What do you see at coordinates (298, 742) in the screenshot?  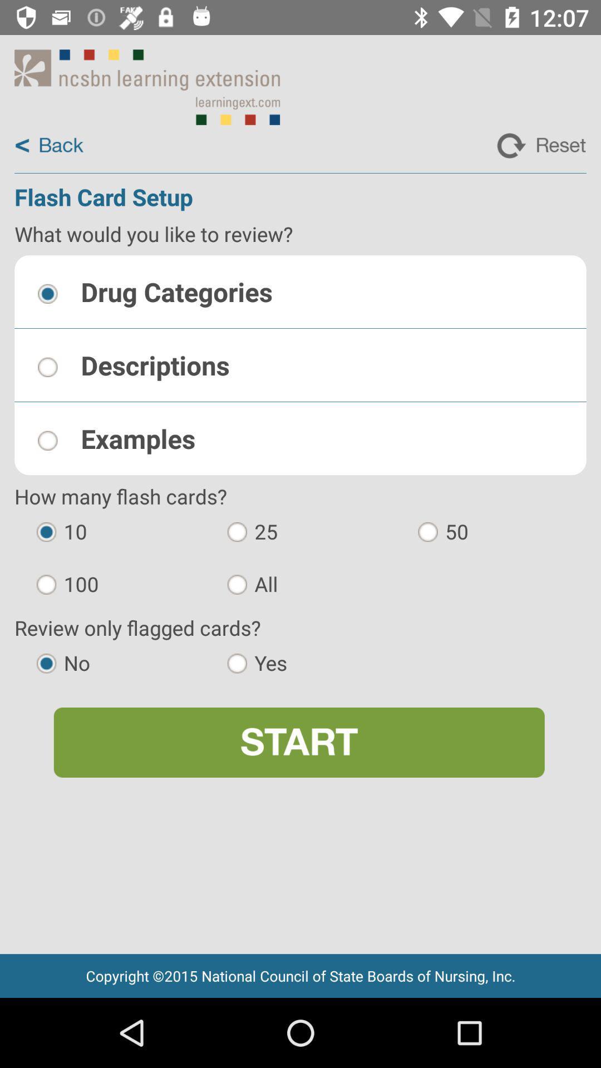 I see `icon above copyright 2015 national` at bounding box center [298, 742].